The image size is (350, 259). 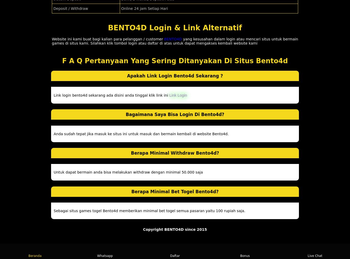 I want to click on 'Website ini kami buat bagi kalian para pelanggan / customer', so click(x=108, y=39).